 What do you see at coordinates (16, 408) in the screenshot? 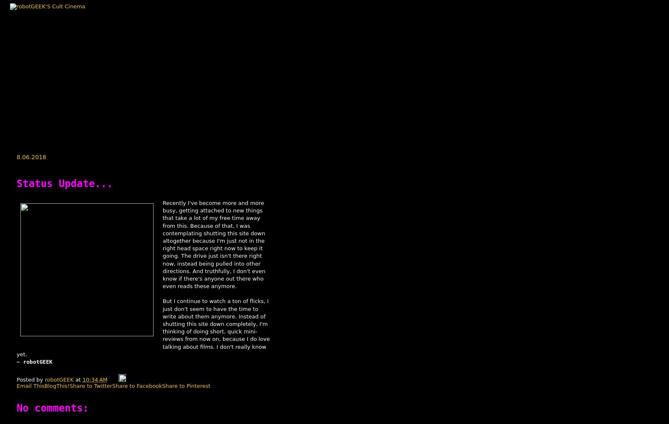
I see `'No comments:'` at bounding box center [16, 408].